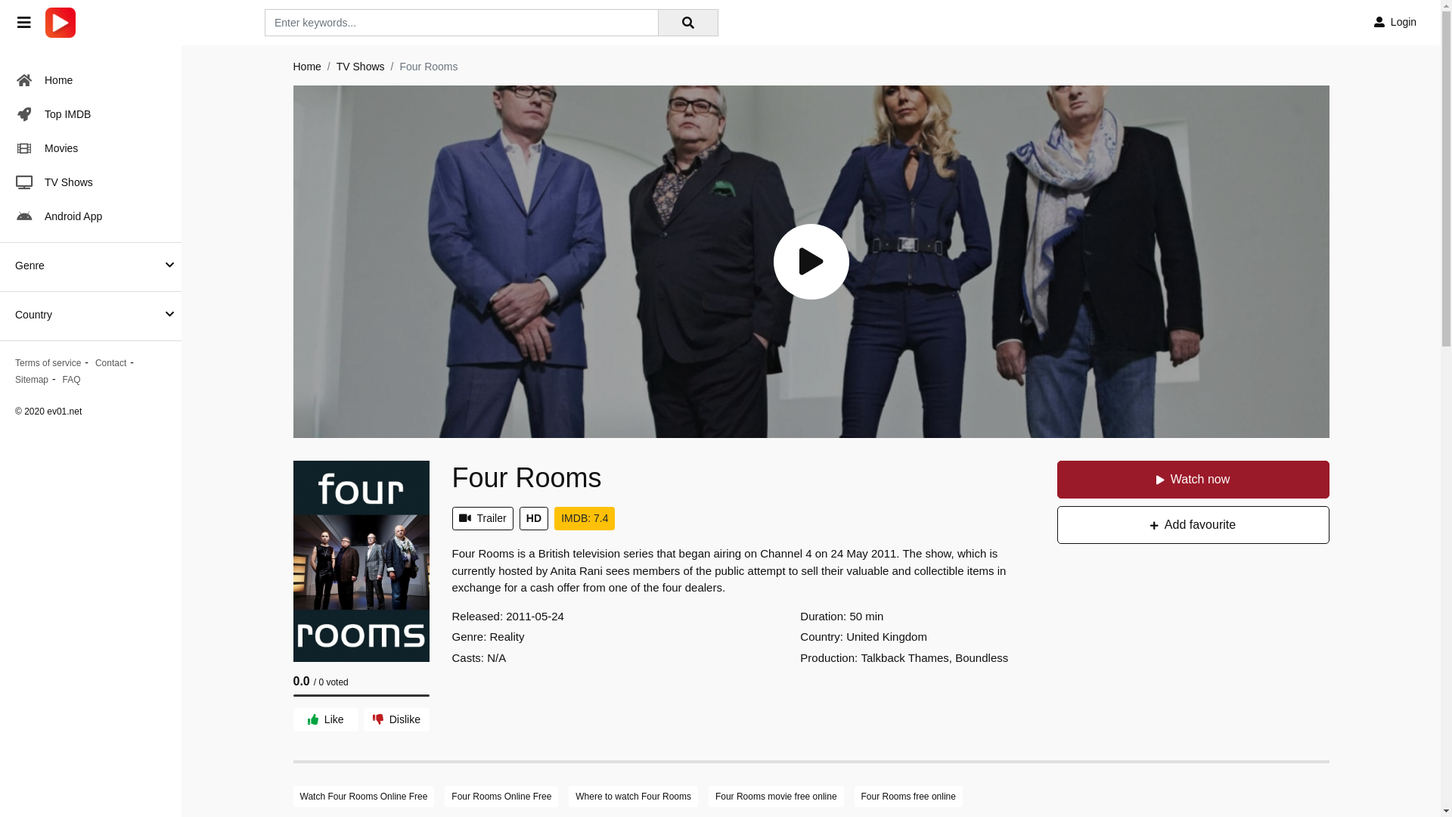  I want to click on 'IMDB: 7.4', so click(583, 517).